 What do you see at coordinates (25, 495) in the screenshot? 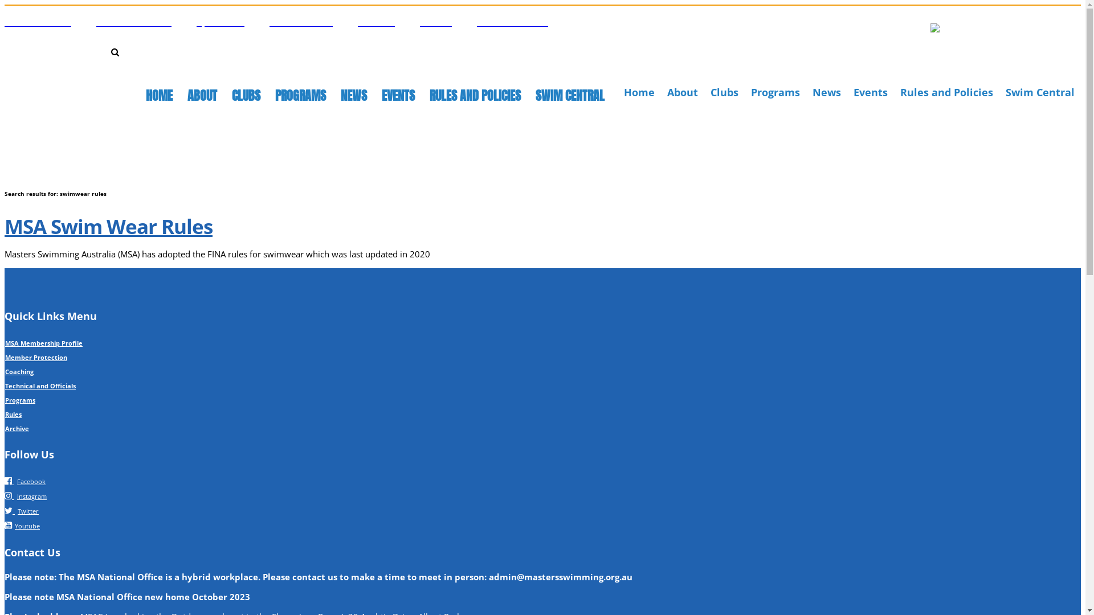
I see `'Instagram'` at bounding box center [25, 495].